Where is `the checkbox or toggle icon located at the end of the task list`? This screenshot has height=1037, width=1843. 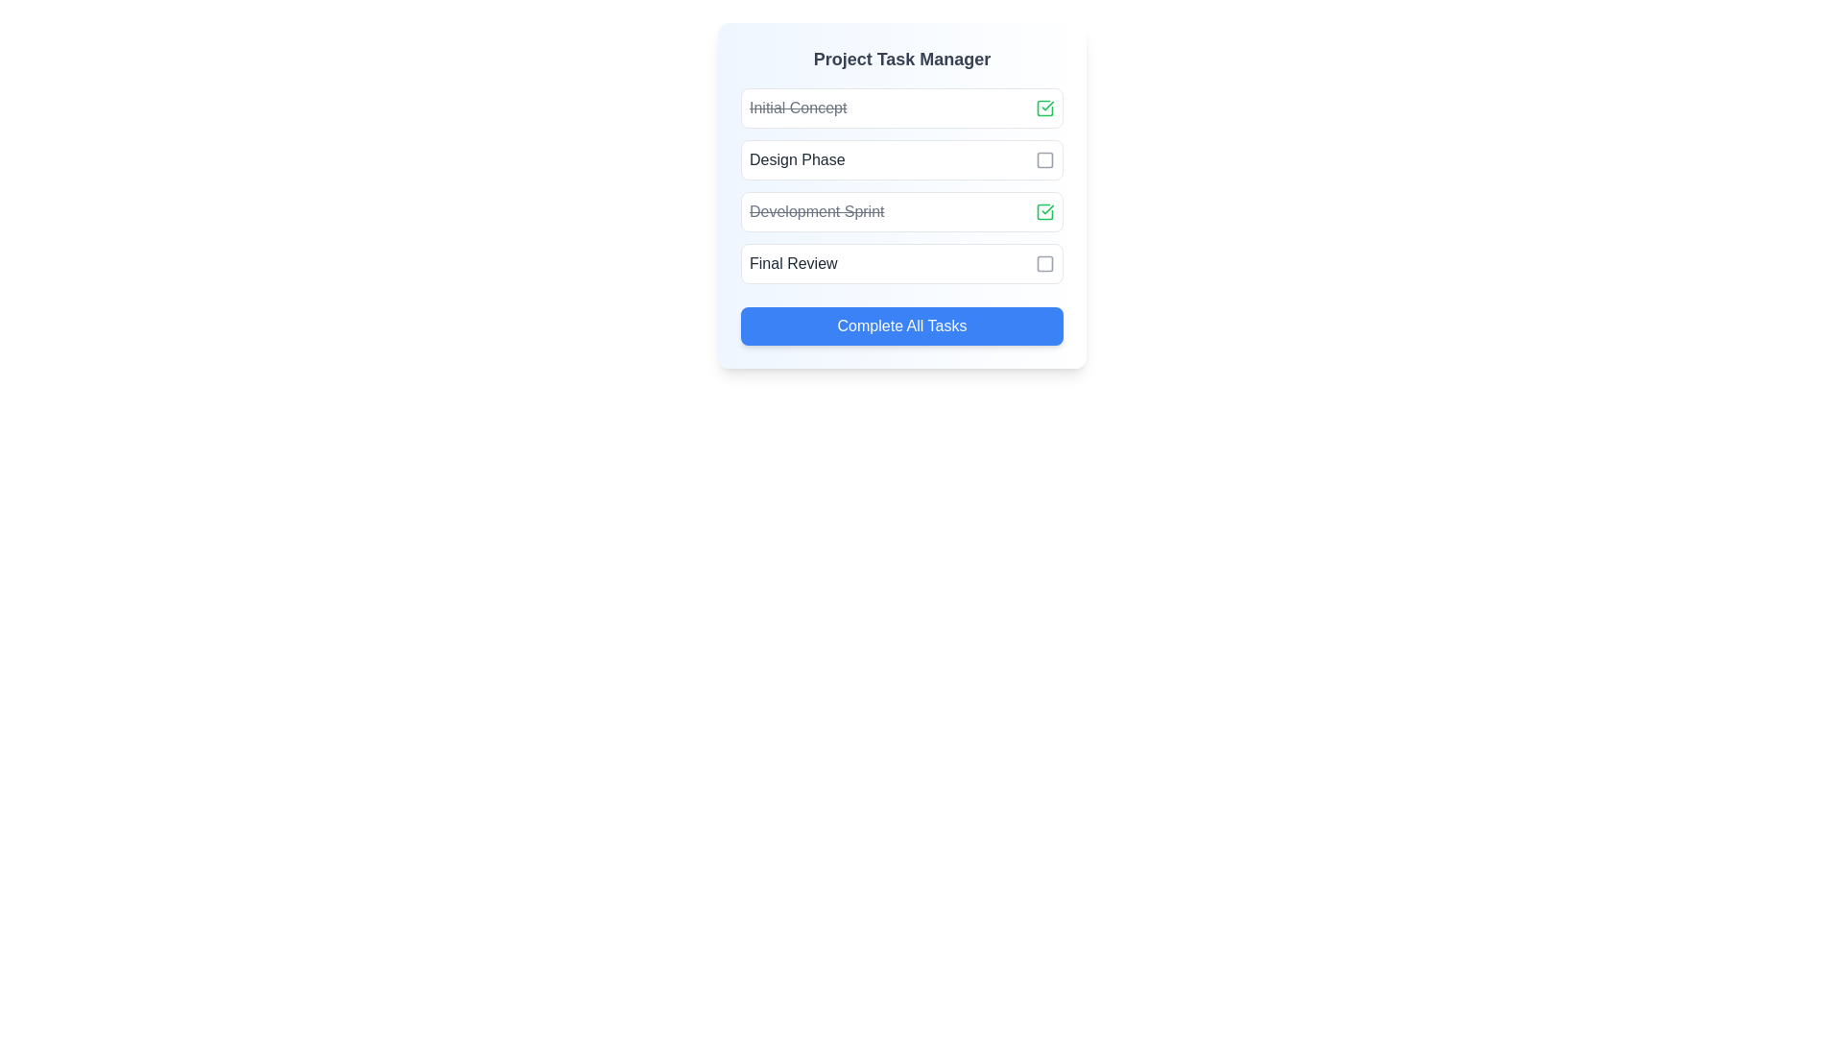
the checkbox or toggle icon located at the end of the task list is located at coordinates (1044, 263).